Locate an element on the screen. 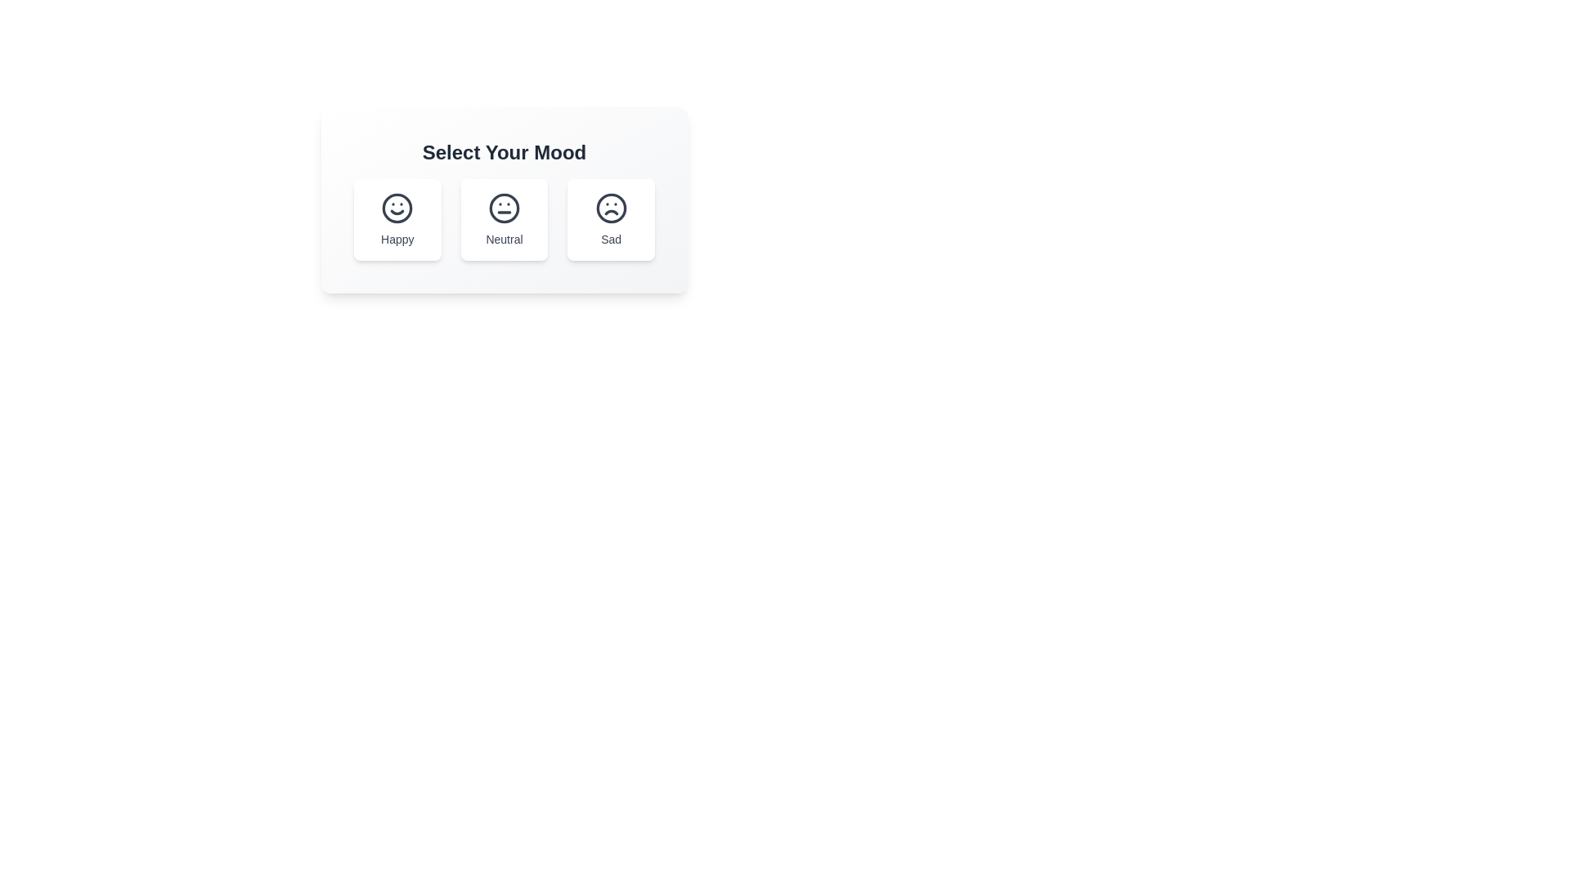 The image size is (1570, 883). the mood button labeled Neutral is located at coordinates (504, 219).